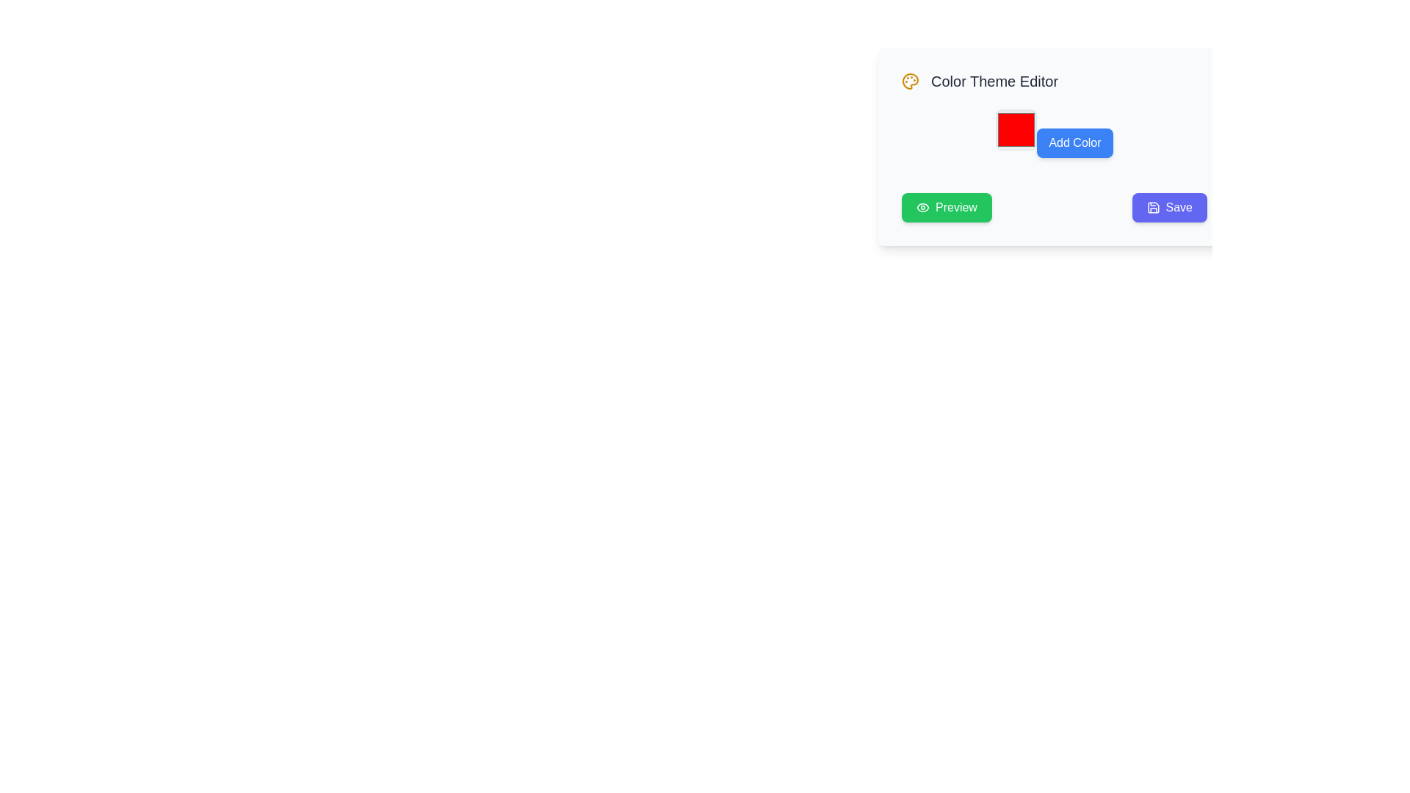 The image size is (1410, 793). I want to click on the floppy disk icon located in the bottom-right corner of the small UI card, next to the 'Save' button with a purple background, so click(1152, 207).